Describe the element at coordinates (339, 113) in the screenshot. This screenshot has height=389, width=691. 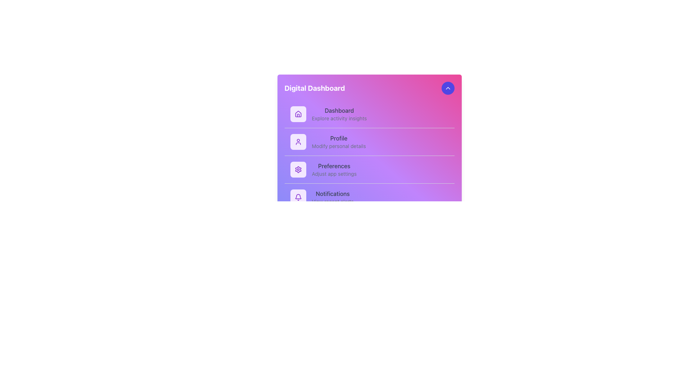
I see `the 'Dashboard' navigational text label located in the vertical navigation menu, positioned below the 'Digital Dashboard' header` at that location.